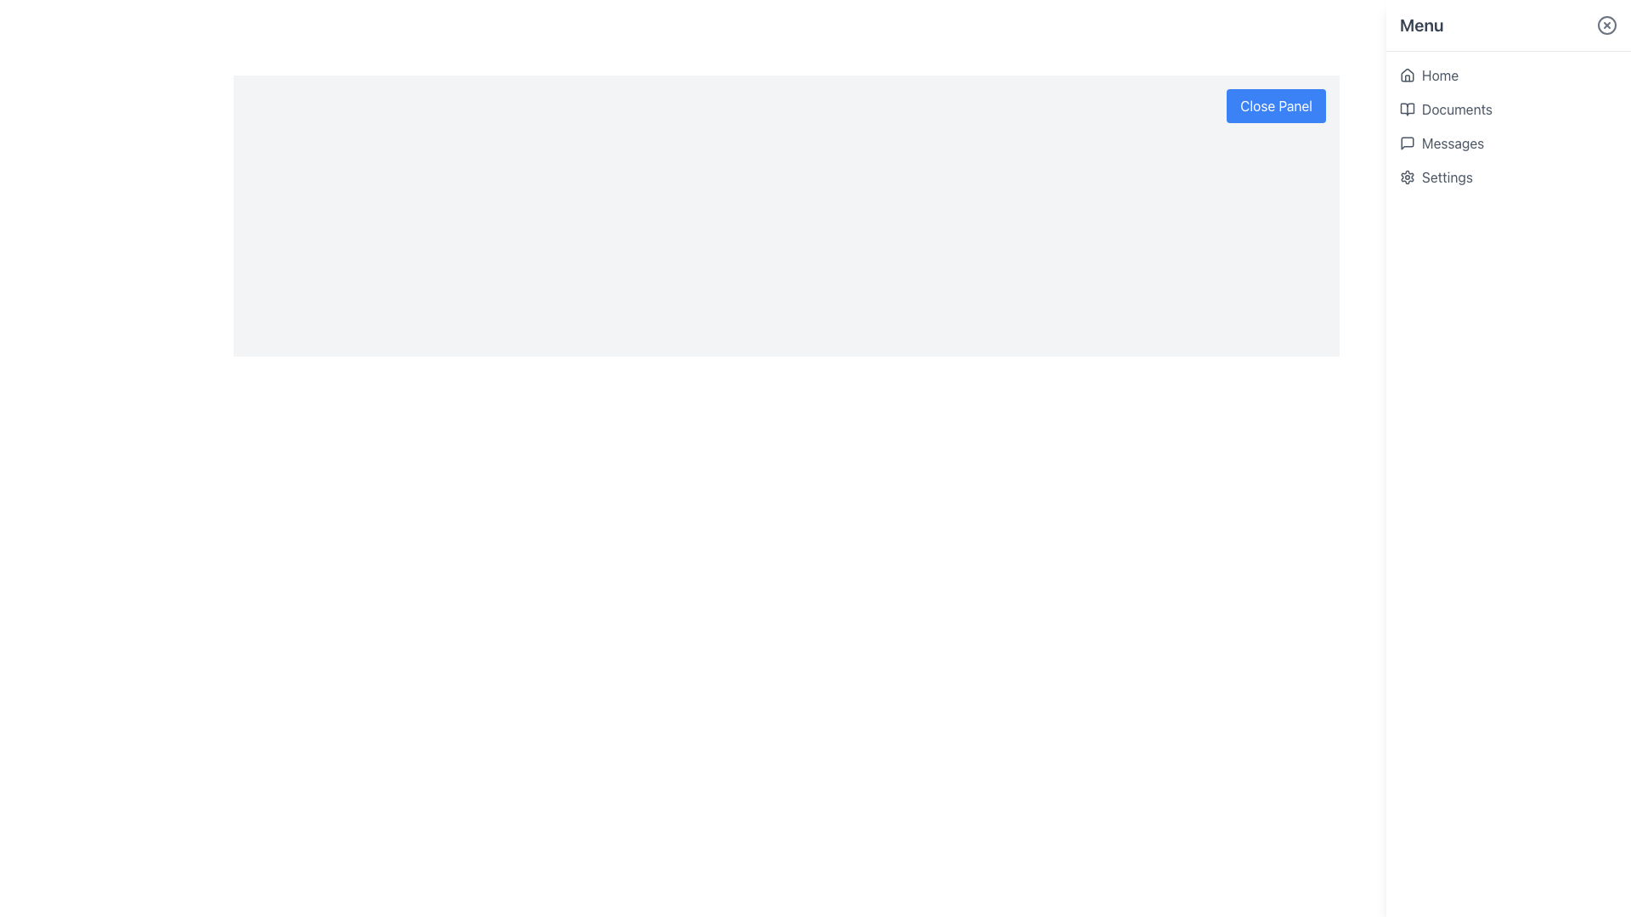 This screenshot has width=1631, height=917. What do you see at coordinates (1407, 109) in the screenshot?
I see `the open book icon located in the menu panel next to the 'Documents' label` at bounding box center [1407, 109].